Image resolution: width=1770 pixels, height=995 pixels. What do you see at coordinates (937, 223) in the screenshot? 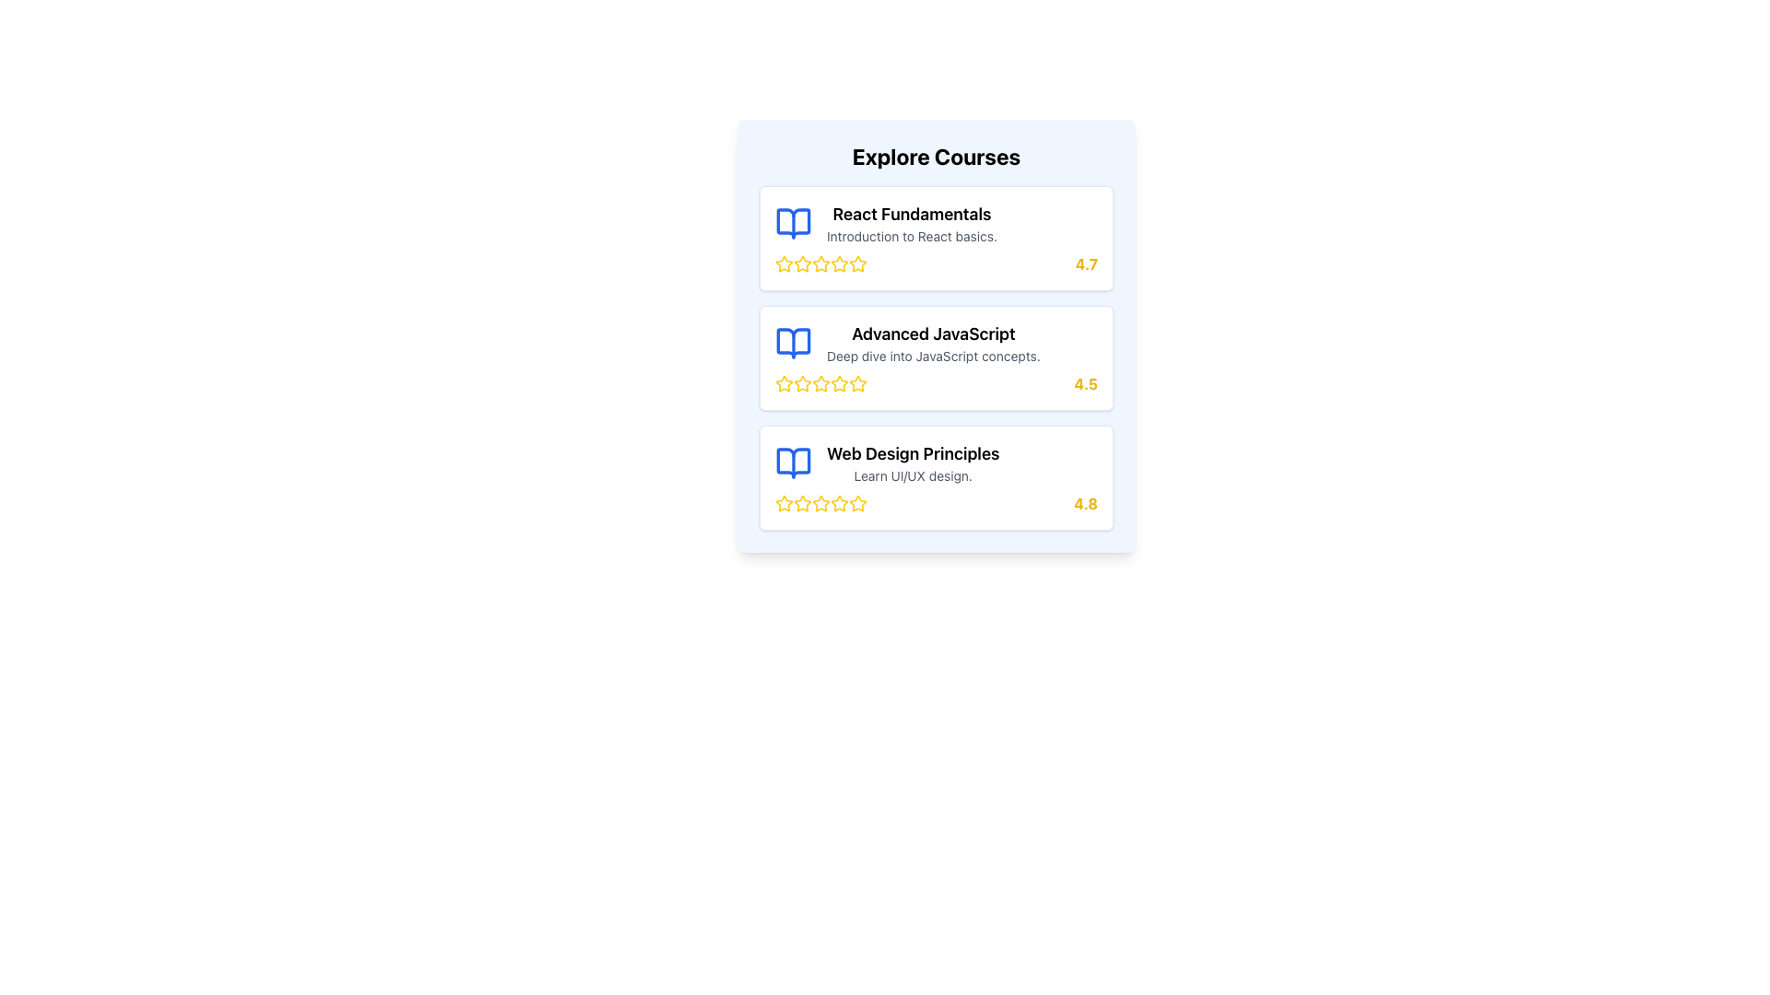
I see `the course name text on the content display card at the top of the card layout` at bounding box center [937, 223].